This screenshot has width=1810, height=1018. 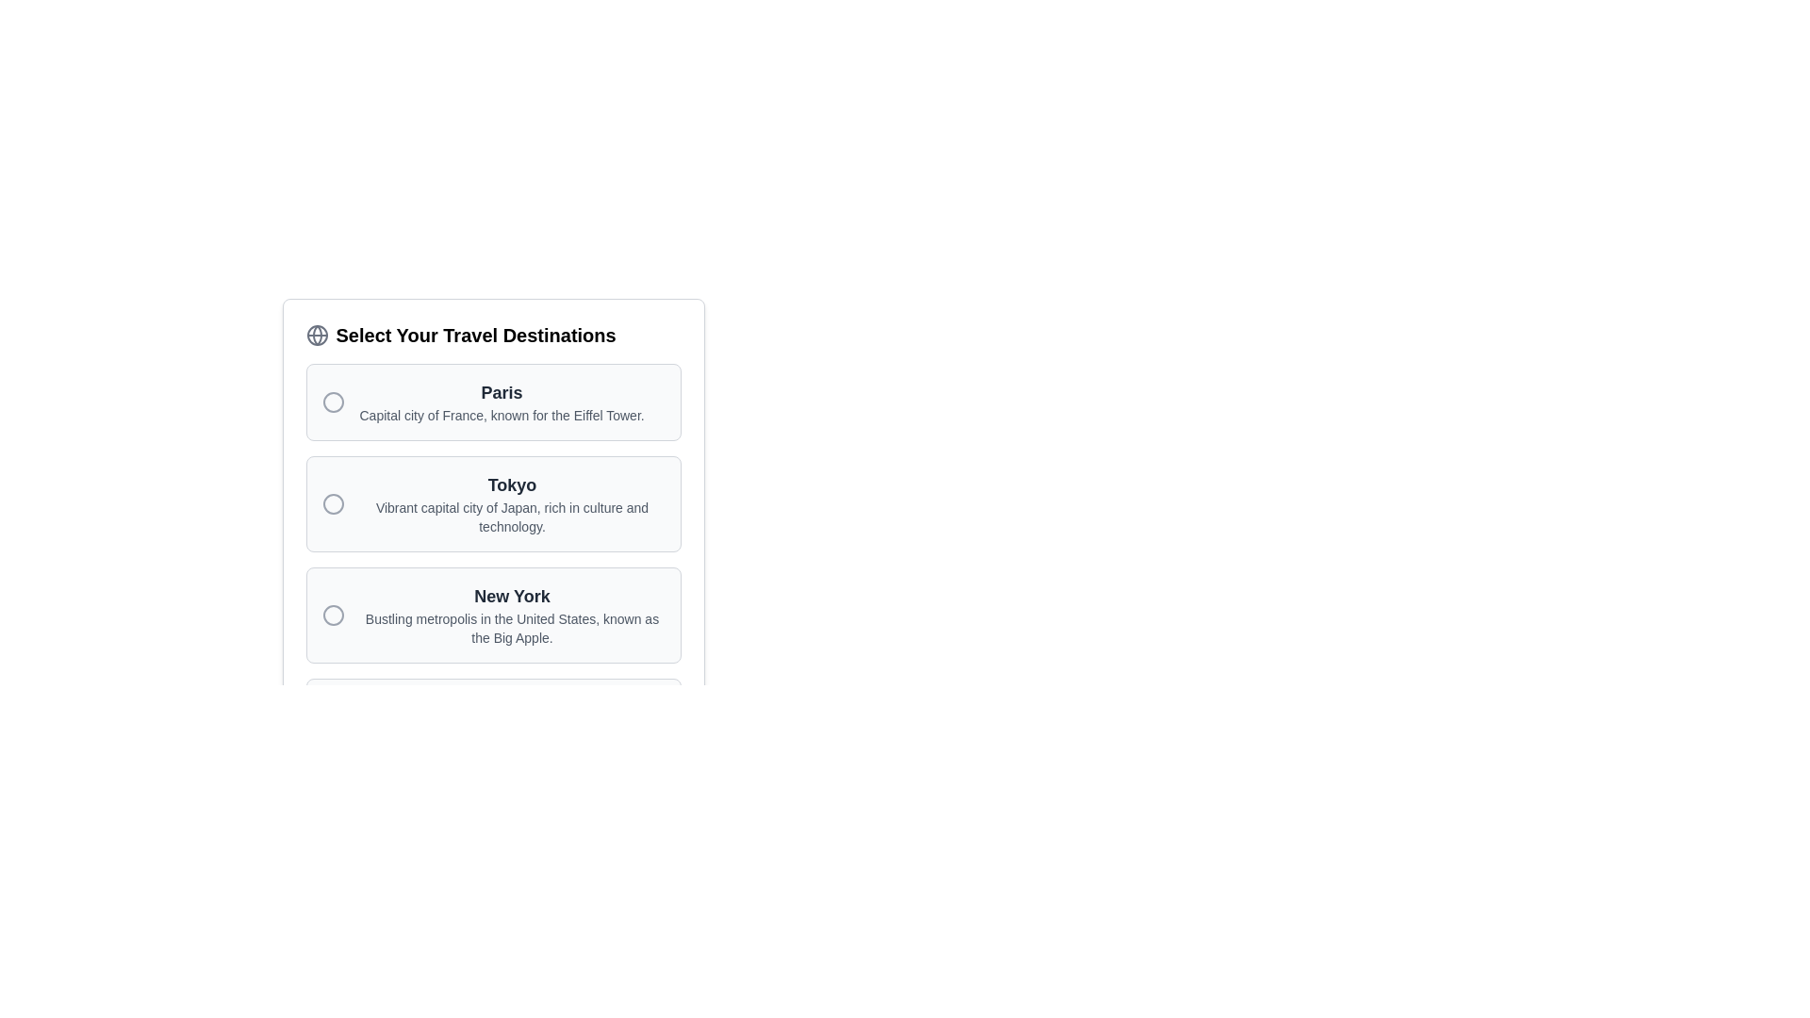 What do you see at coordinates (483, 402) in the screenshot?
I see `the text item displaying 'Paris'` at bounding box center [483, 402].